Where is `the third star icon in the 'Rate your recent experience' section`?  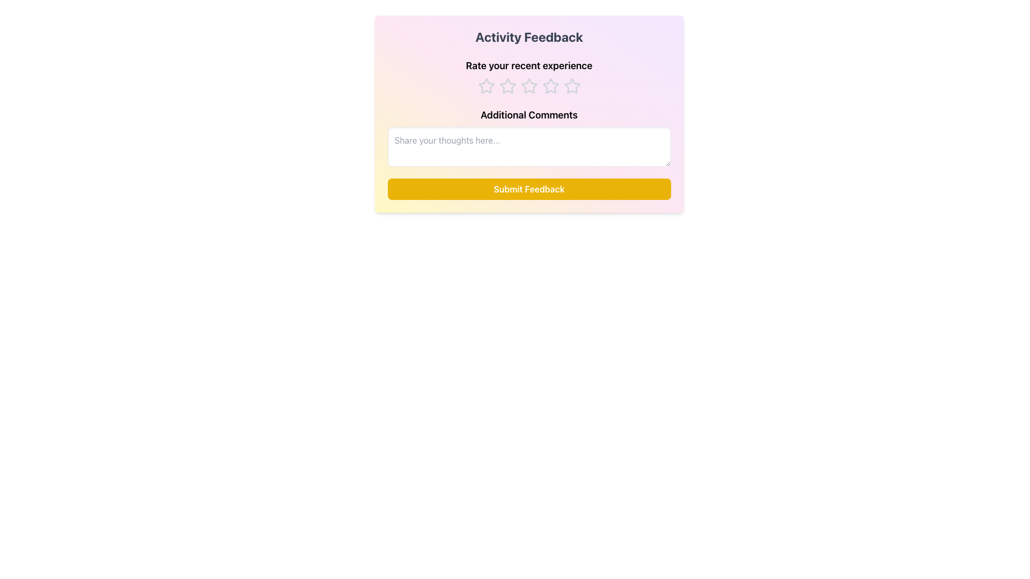 the third star icon in the 'Rate your recent experience' section is located at coordinates (529, 85).